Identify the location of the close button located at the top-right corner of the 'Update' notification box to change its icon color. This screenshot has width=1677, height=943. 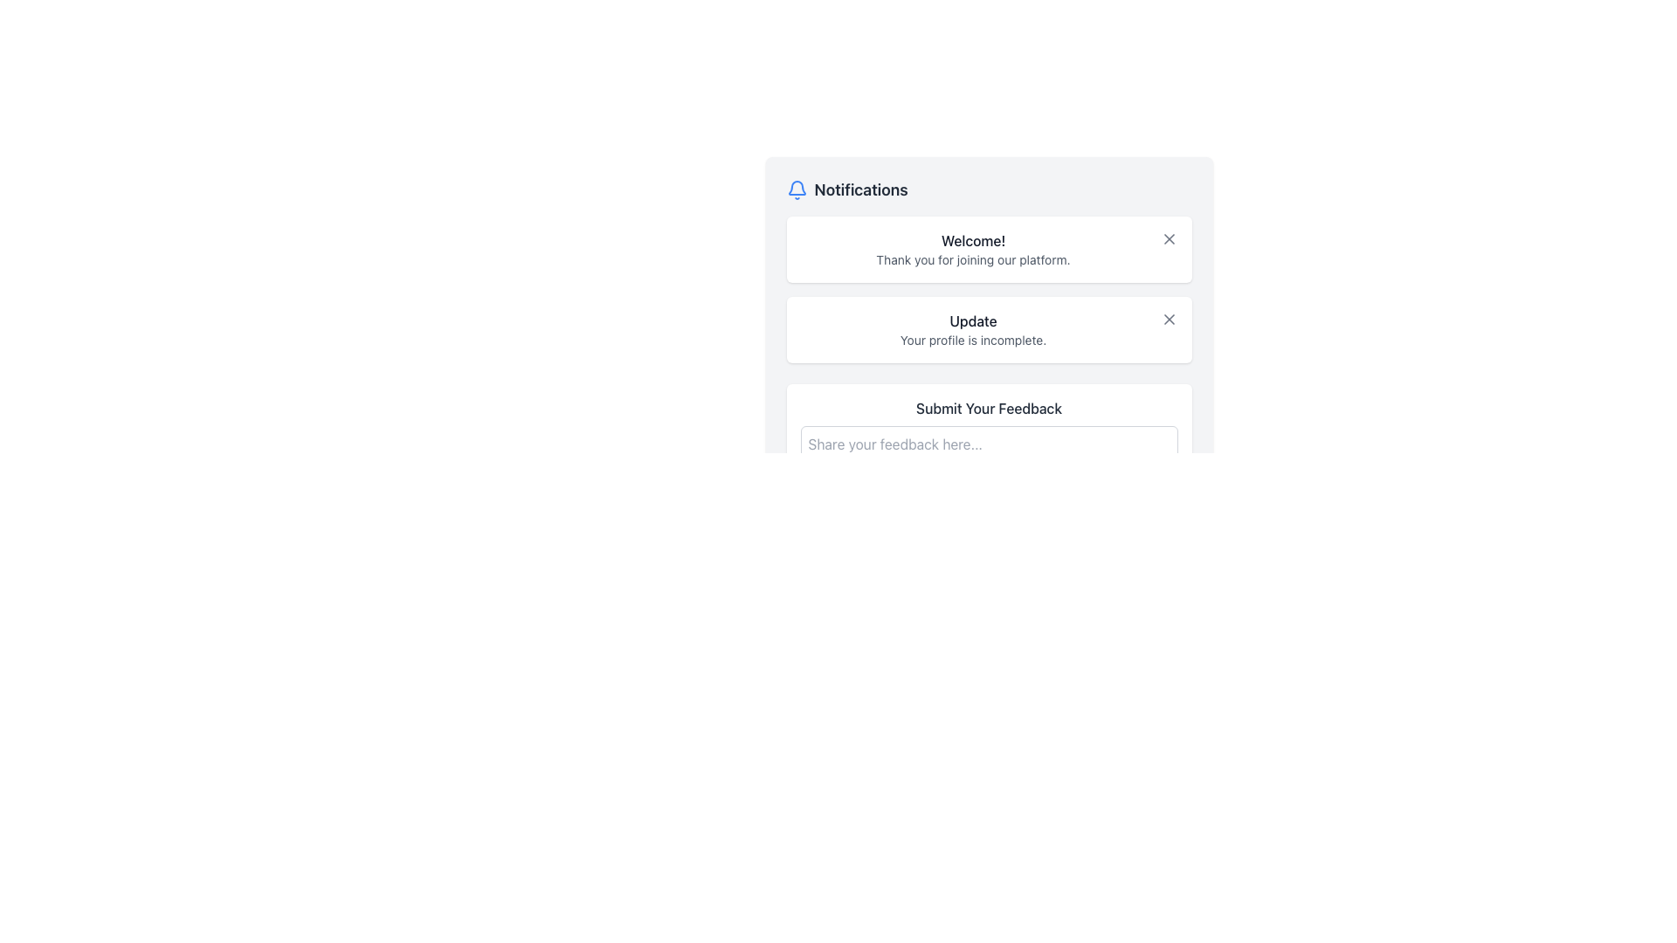
(1169, 320).